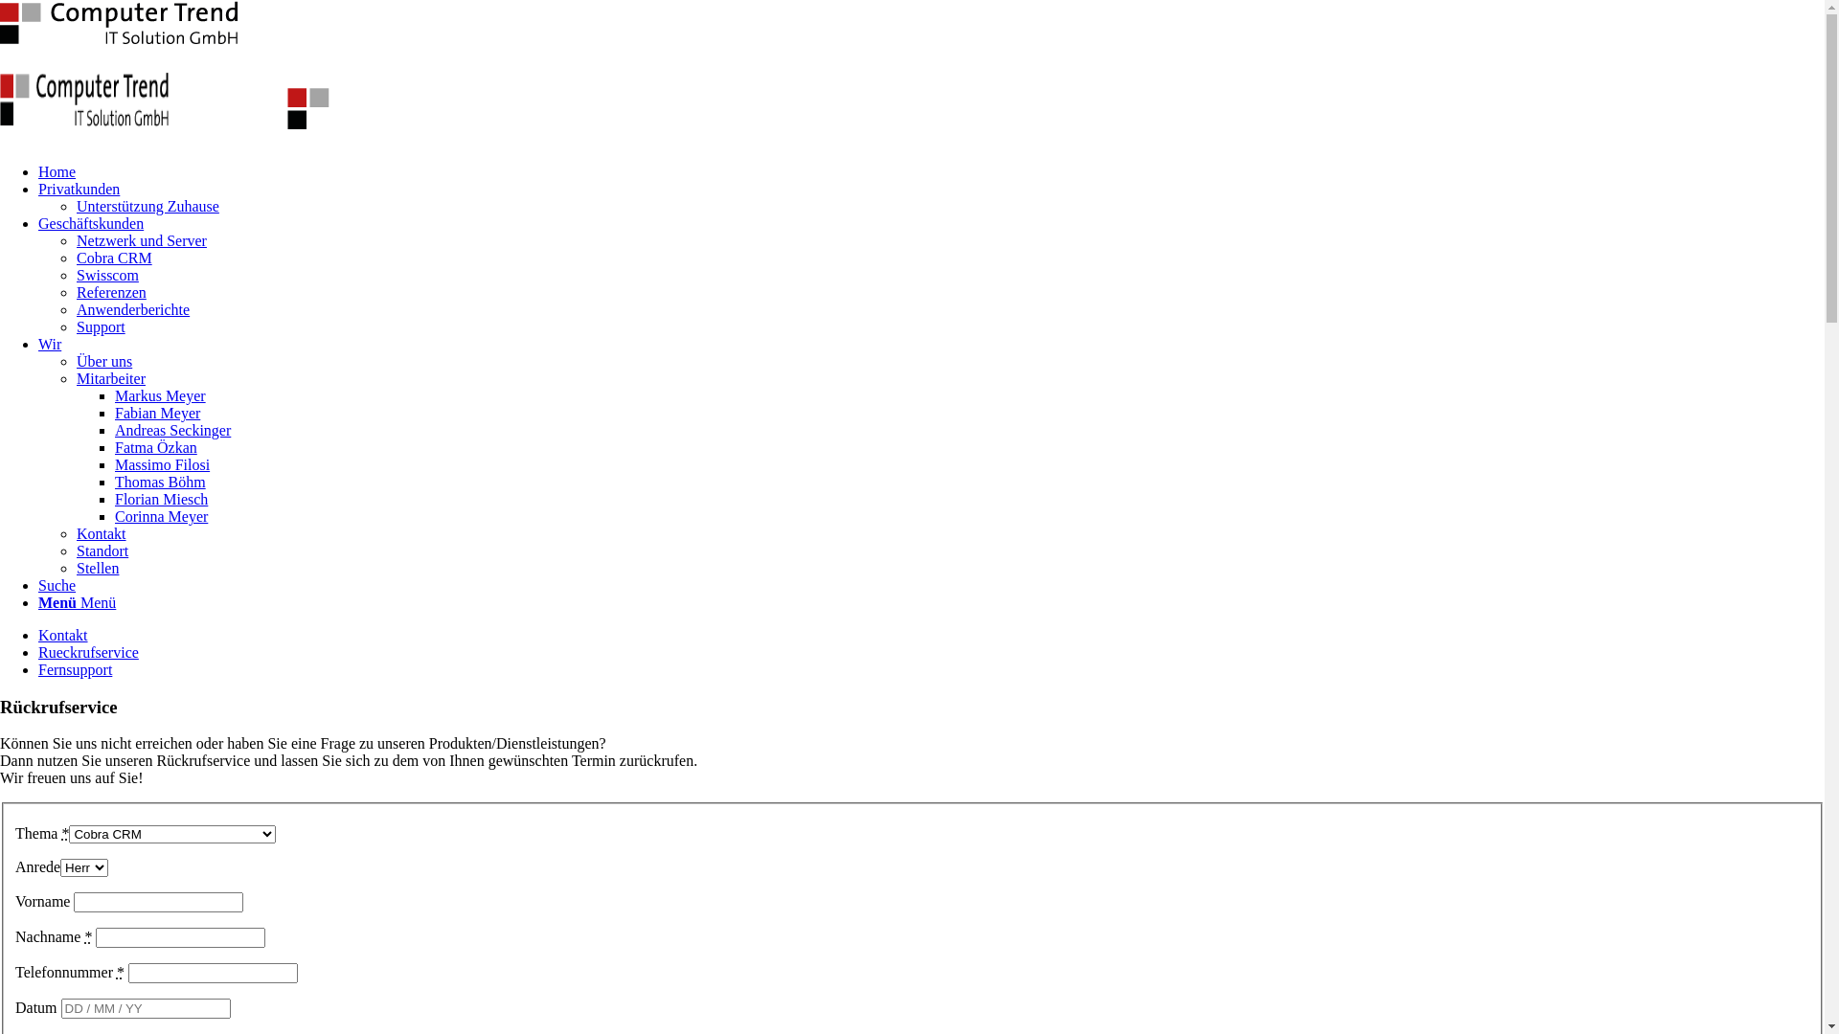  I want to click on 'Support', so click(100, 326).